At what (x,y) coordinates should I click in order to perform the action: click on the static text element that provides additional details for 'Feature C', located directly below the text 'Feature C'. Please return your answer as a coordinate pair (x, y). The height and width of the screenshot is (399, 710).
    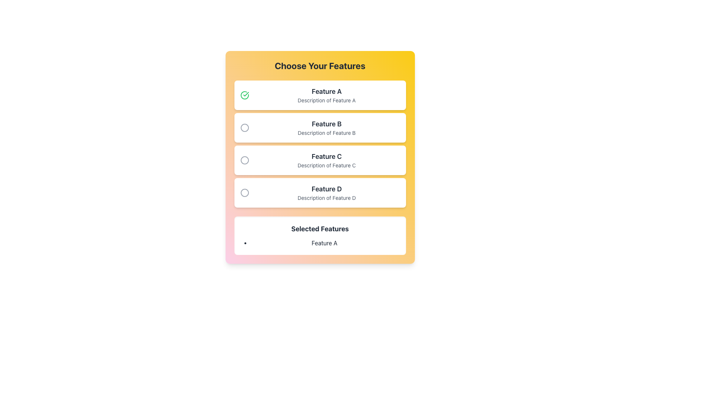
    Looking at the image, I should click on (326, 165).